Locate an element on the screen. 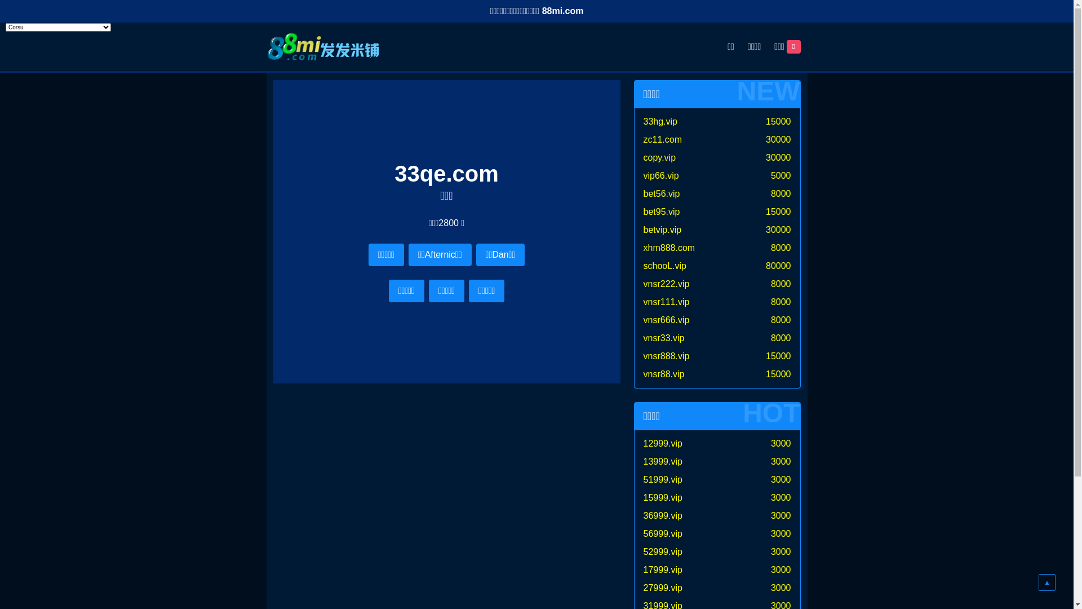 This screenshot has width=1082, height=609. '13999.vip' is located at coordinates (663, 461).